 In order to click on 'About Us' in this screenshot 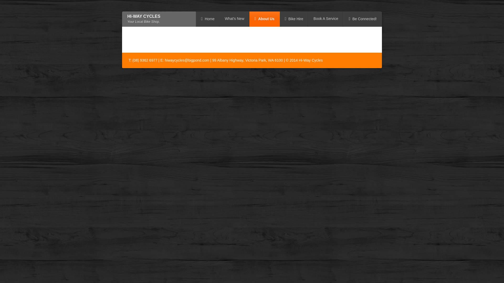, I will do `click(265, 19)`.